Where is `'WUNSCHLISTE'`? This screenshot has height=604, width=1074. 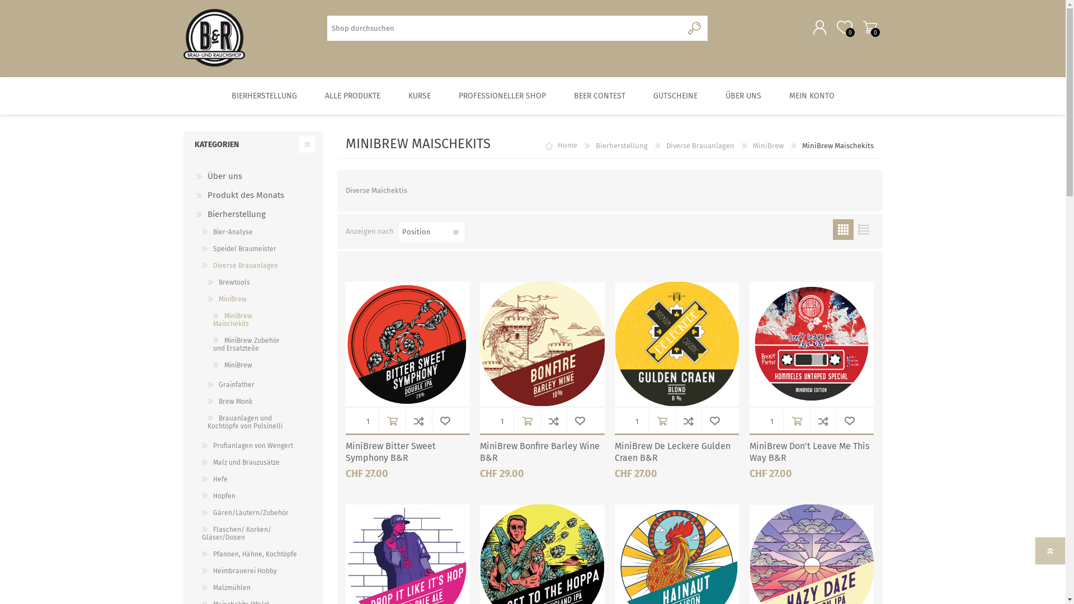
'WUNSCHLISTE' is located at coordinates (444, 421).